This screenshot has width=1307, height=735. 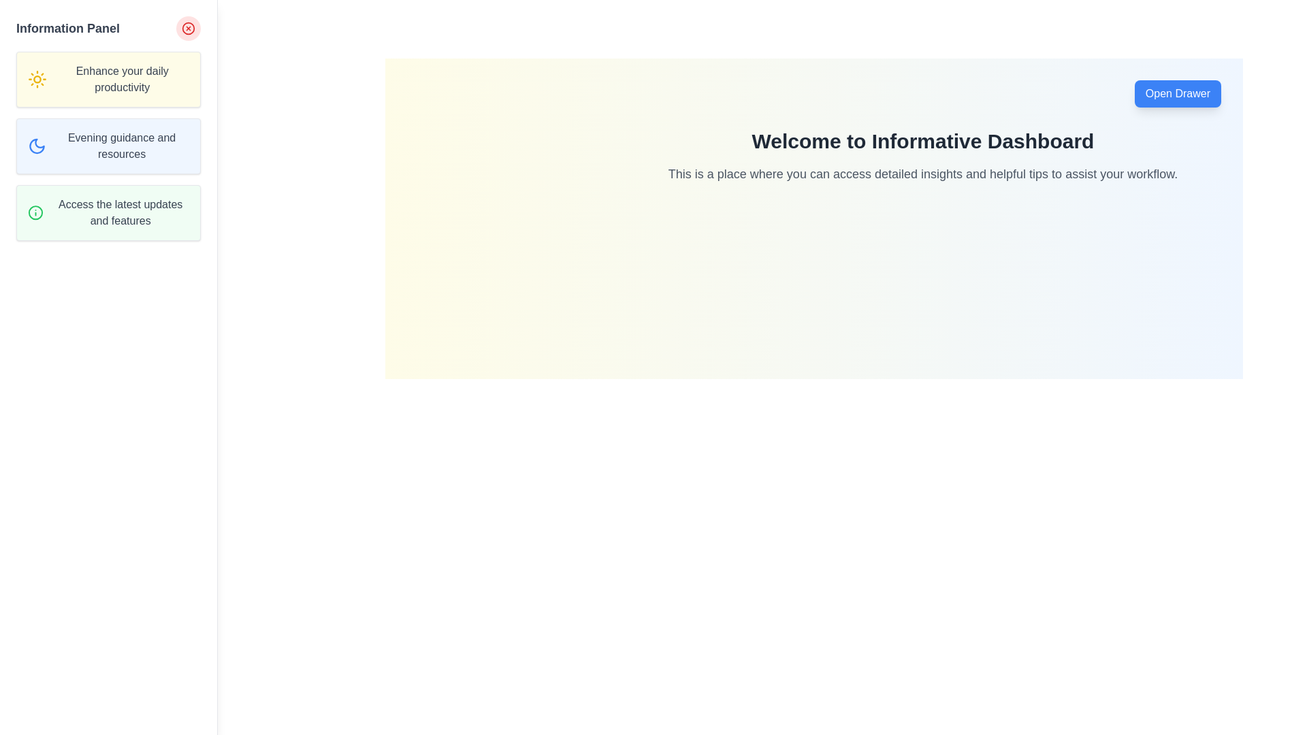 I want to click on text from the Text Label that provides contextual information, located directly below the 'Welcome to Informative Dashboard' title, so click(x=923, y=173).